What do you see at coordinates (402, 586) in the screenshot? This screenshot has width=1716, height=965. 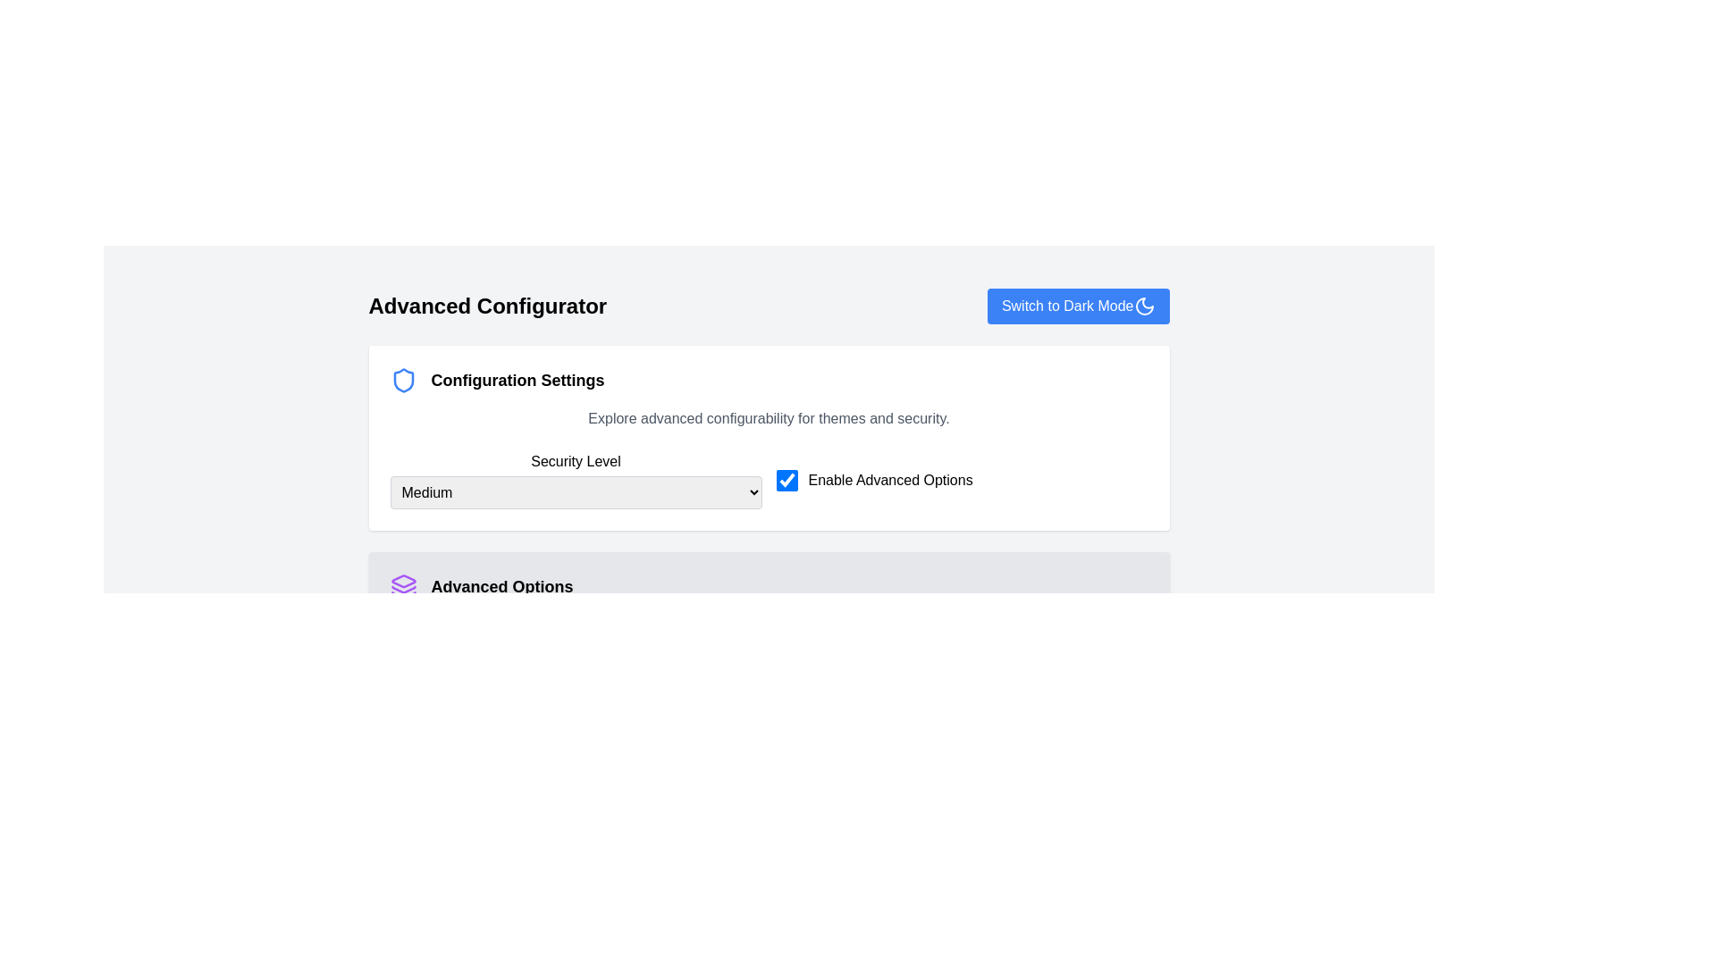 I see `the purple icon representing stacked layers in the 'Advanced Options' section, which is the first visual item from the left` at bounding box center [402, 586].